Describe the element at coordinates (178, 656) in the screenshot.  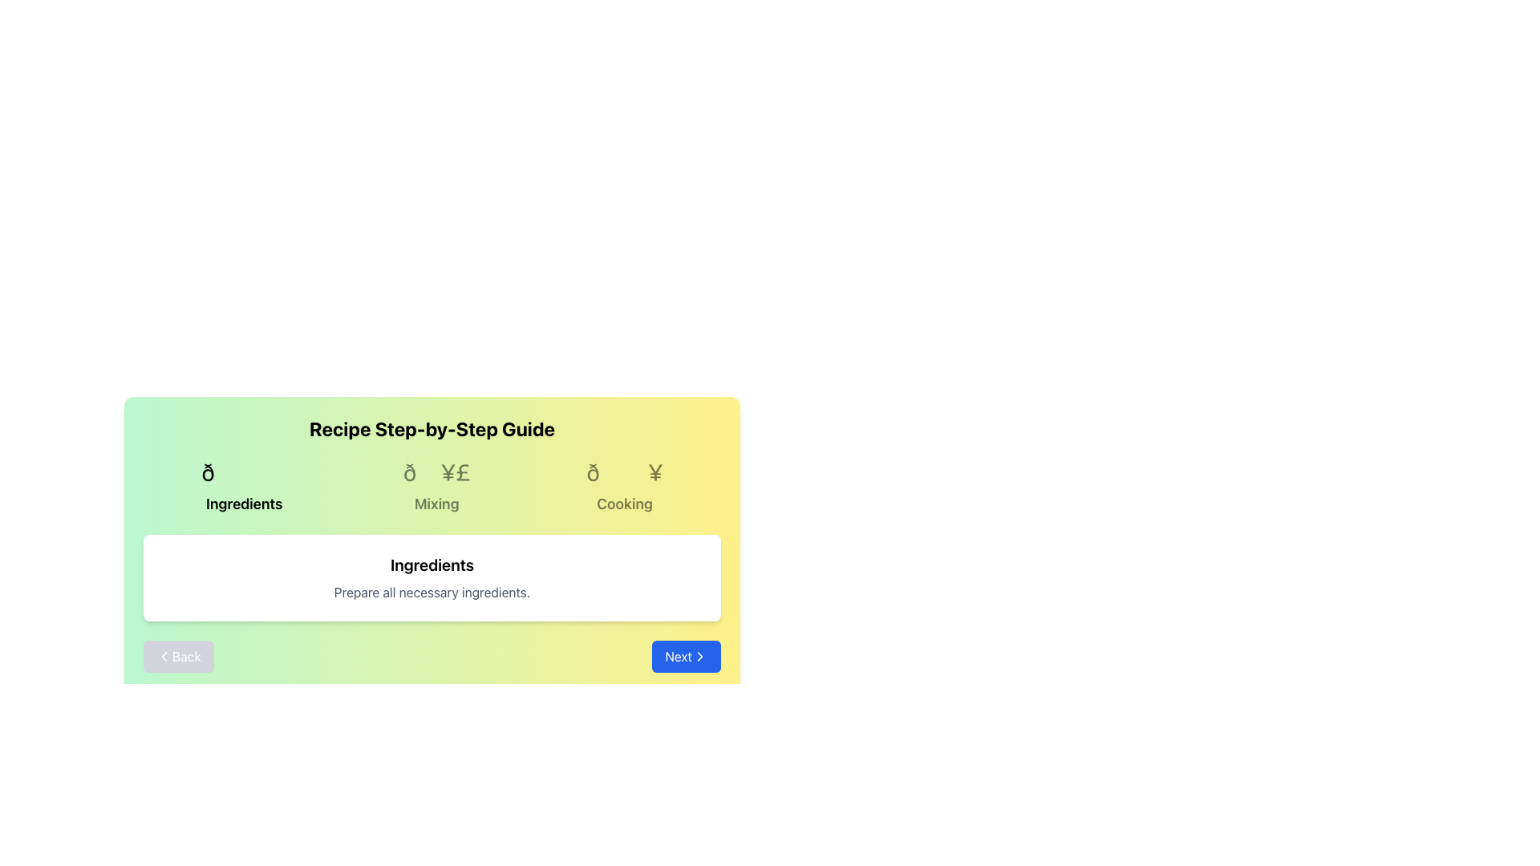
I see `the blue 'Back' button with white text and a left-pointing arrow icon` at that location.